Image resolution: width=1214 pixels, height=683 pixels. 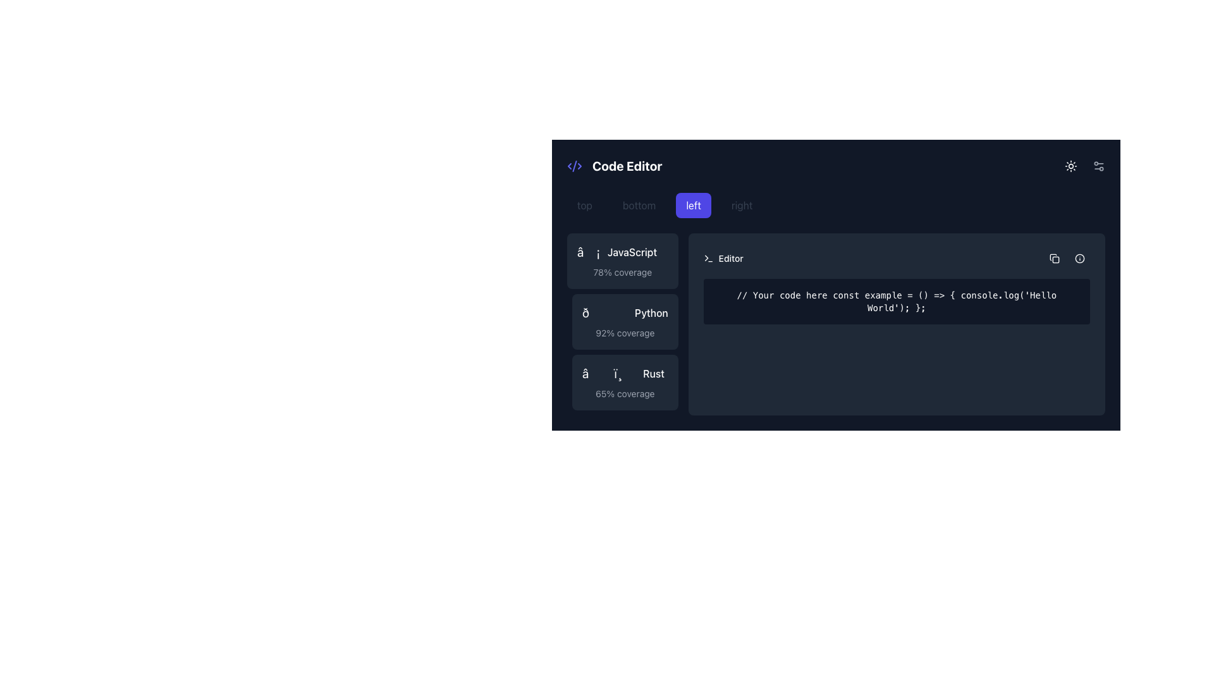 I want to click on the gear-shaped icon button located at the top-right corner of the dark-themed toolbar, so click(x=1098, y=165).